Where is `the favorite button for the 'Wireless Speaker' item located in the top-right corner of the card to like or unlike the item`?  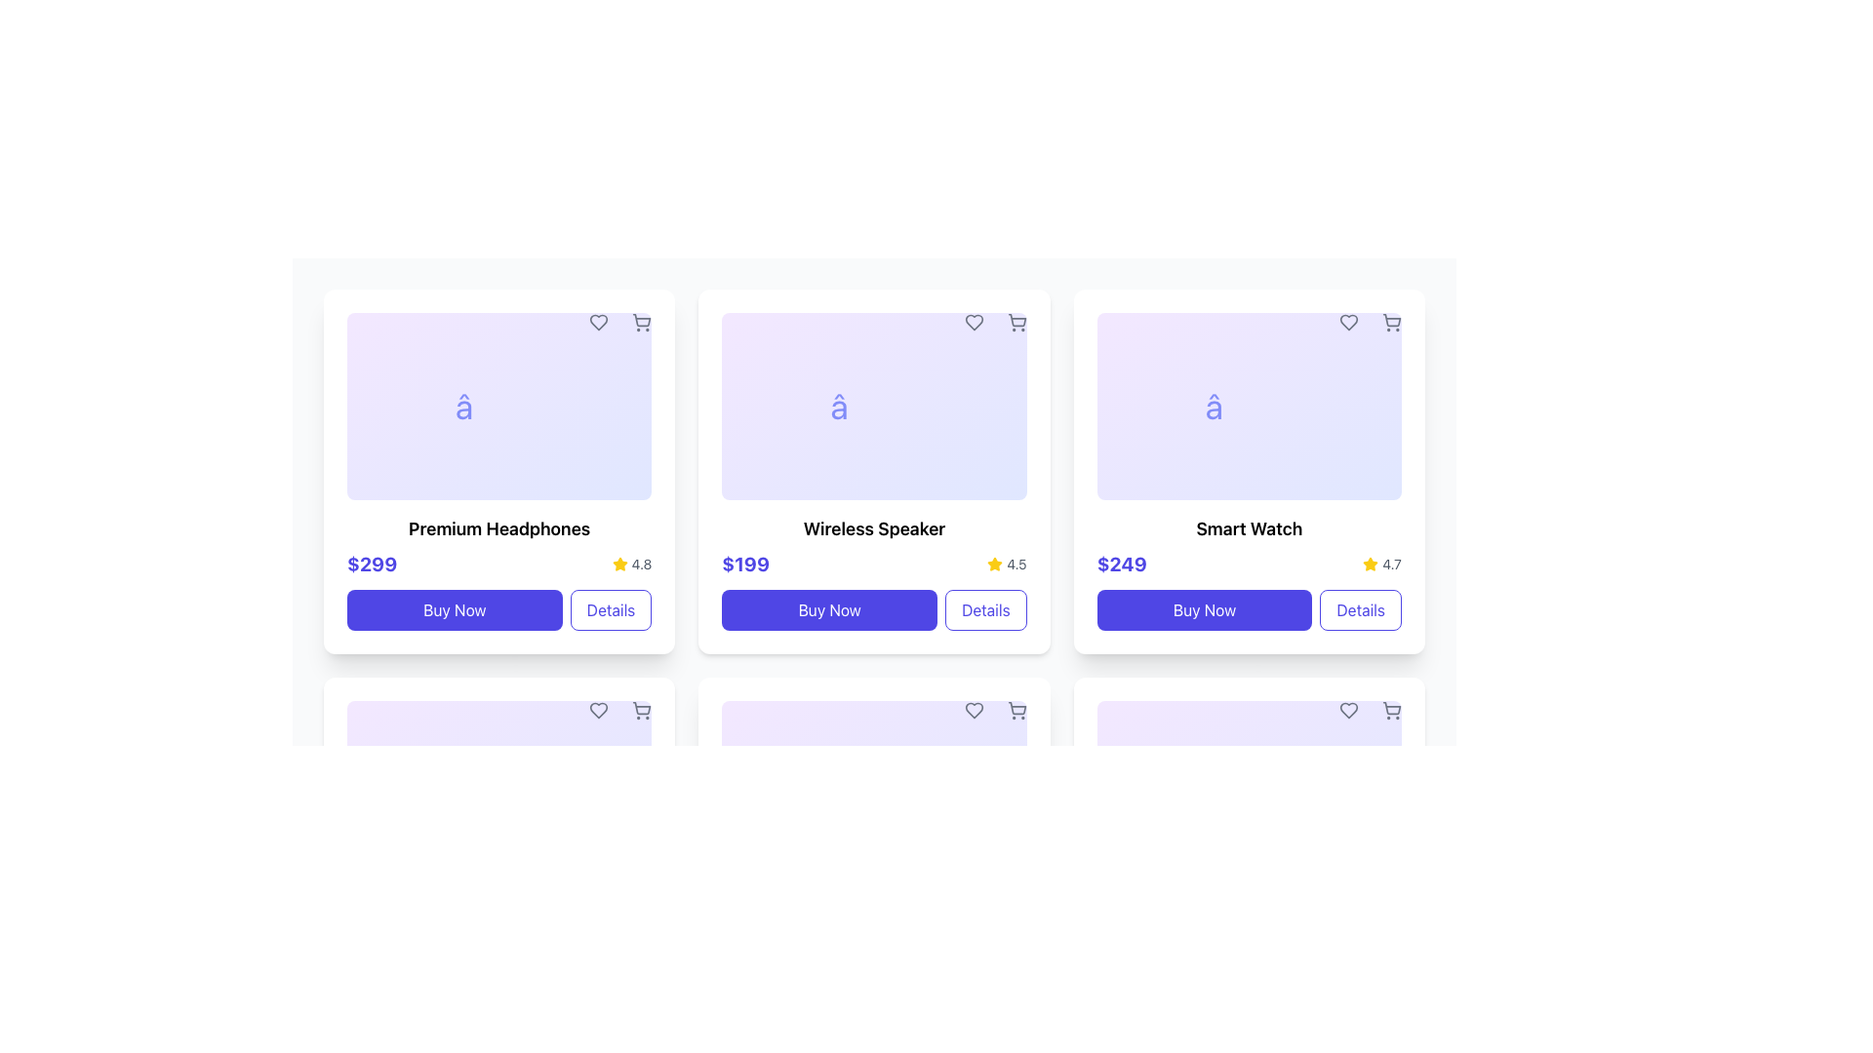 the favorite button for the 'Wireless Speaker' item located in the top-right corner of the card to like or unlike the item is located at coordinates (974, 711).